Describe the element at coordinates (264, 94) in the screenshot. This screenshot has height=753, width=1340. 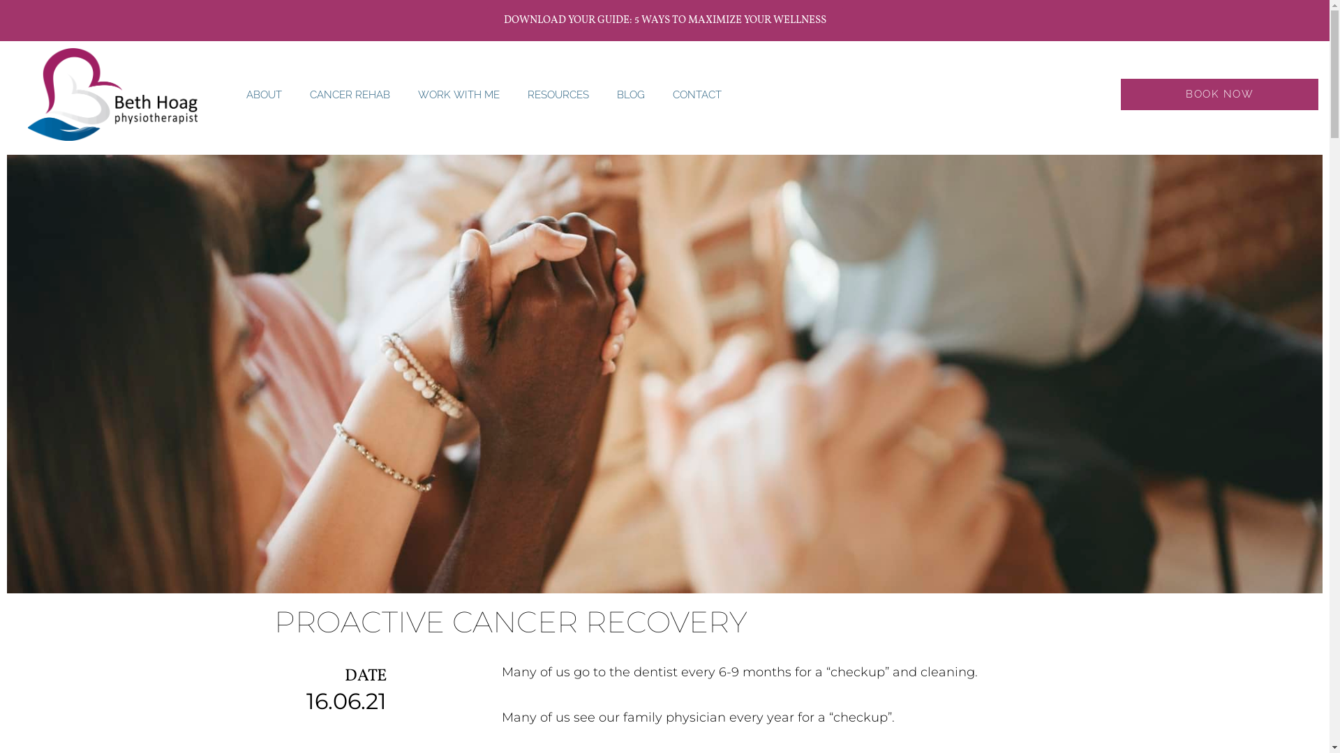
I see `'ABOUT'` at that location.